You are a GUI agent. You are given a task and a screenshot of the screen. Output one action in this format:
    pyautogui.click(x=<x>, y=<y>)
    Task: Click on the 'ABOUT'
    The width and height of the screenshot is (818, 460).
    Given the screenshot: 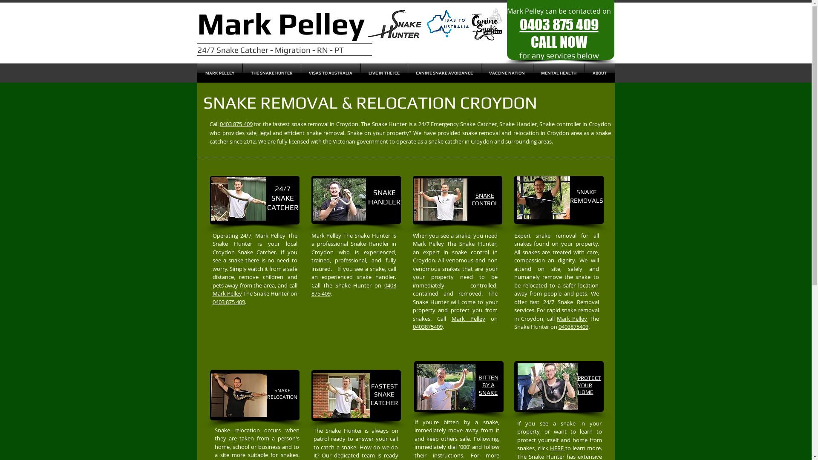 What is the action you would take?
    pyautogui.click(x=599, y=72)
    